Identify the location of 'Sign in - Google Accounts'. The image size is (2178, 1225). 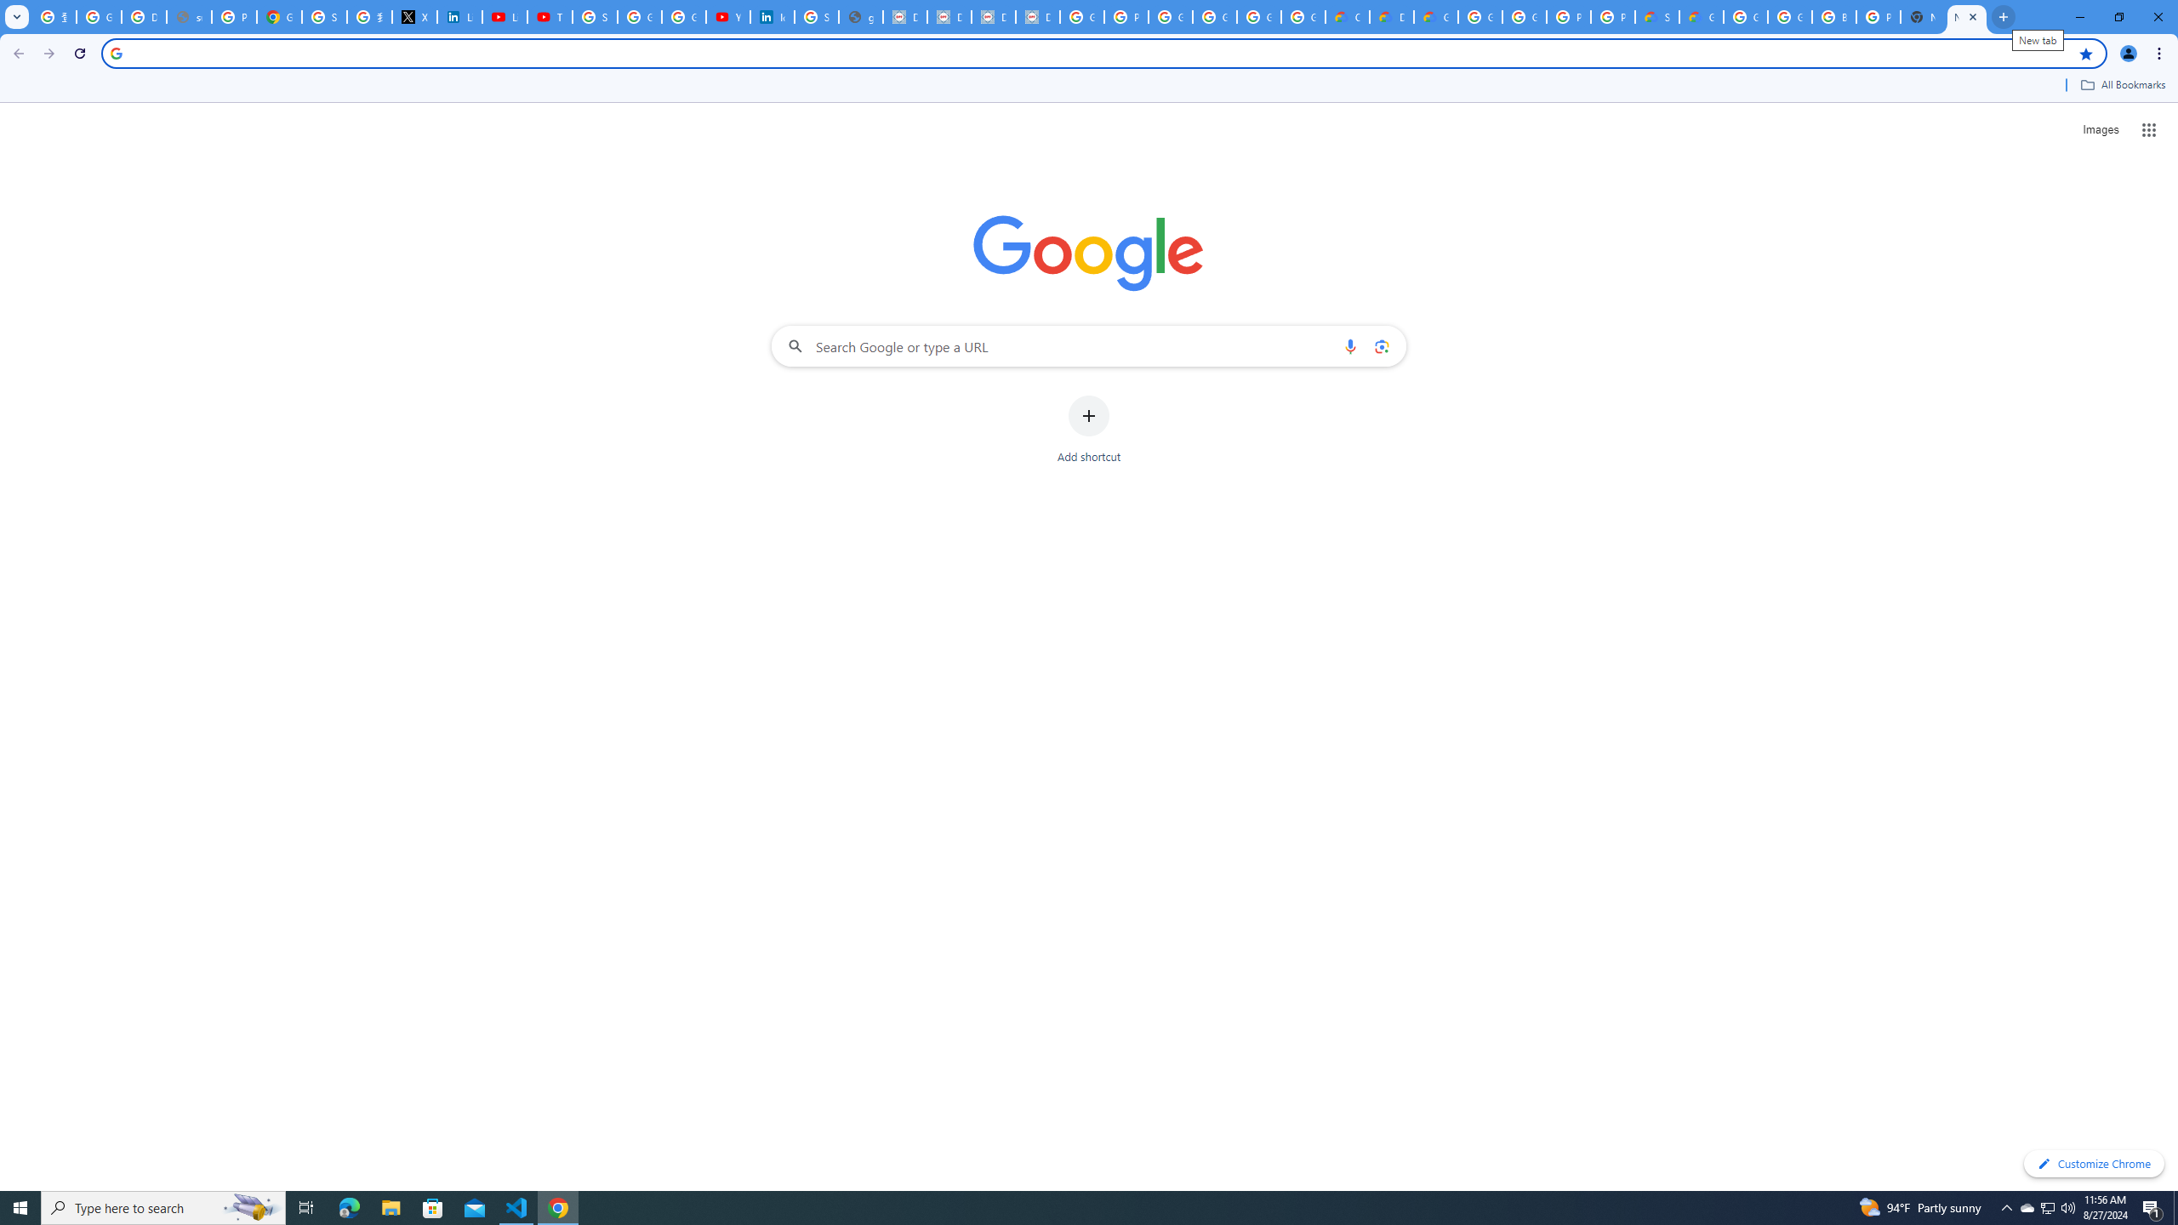
(816, 16).